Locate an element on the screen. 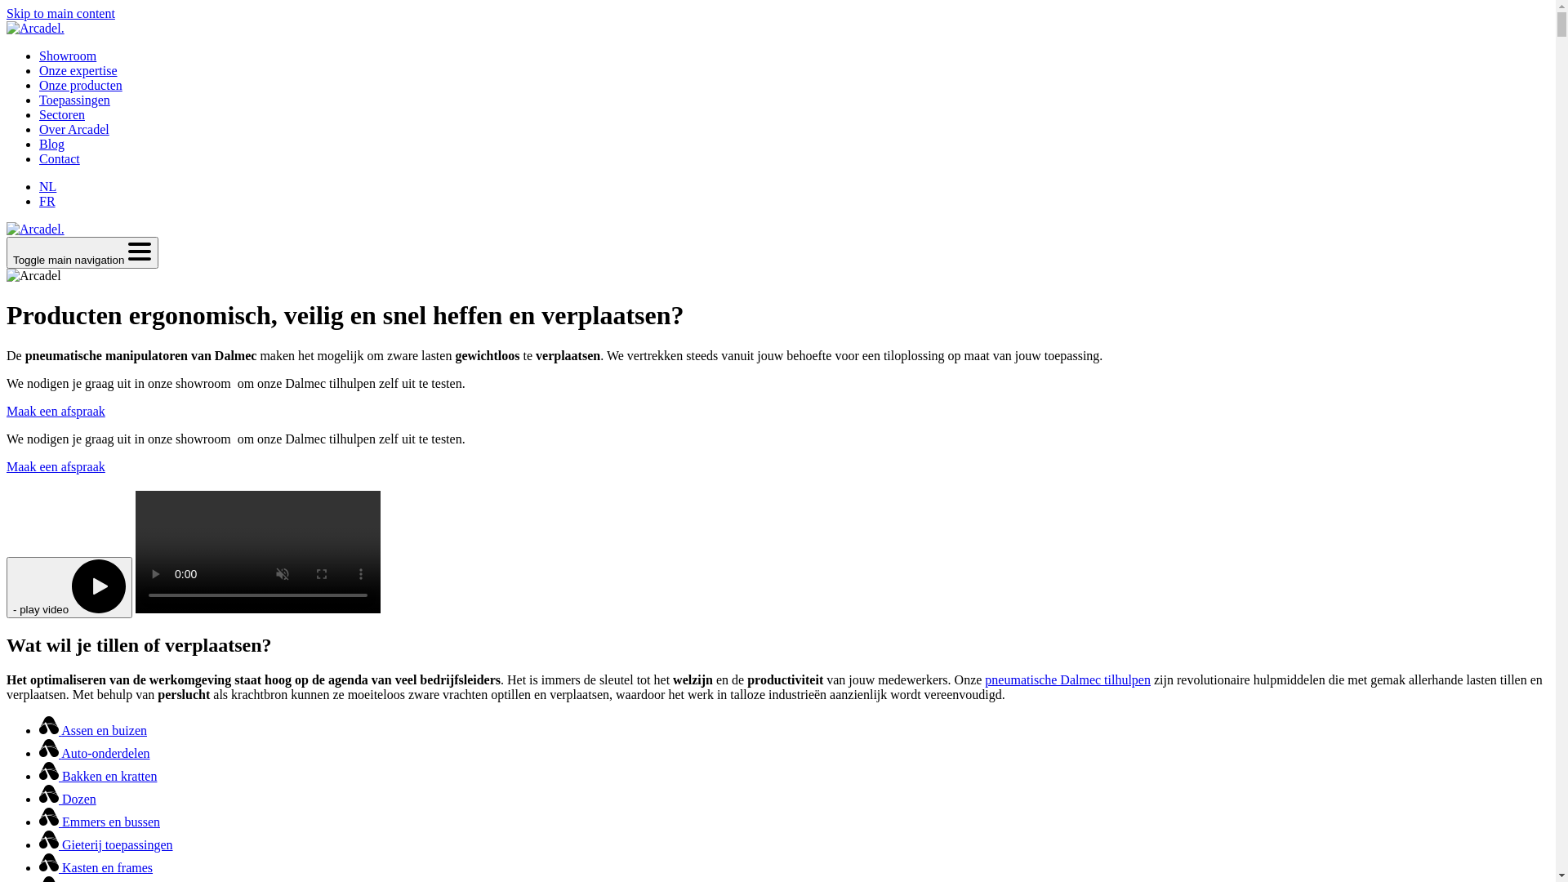  'Toggle main navigation' is located at coordinates (81, 252).